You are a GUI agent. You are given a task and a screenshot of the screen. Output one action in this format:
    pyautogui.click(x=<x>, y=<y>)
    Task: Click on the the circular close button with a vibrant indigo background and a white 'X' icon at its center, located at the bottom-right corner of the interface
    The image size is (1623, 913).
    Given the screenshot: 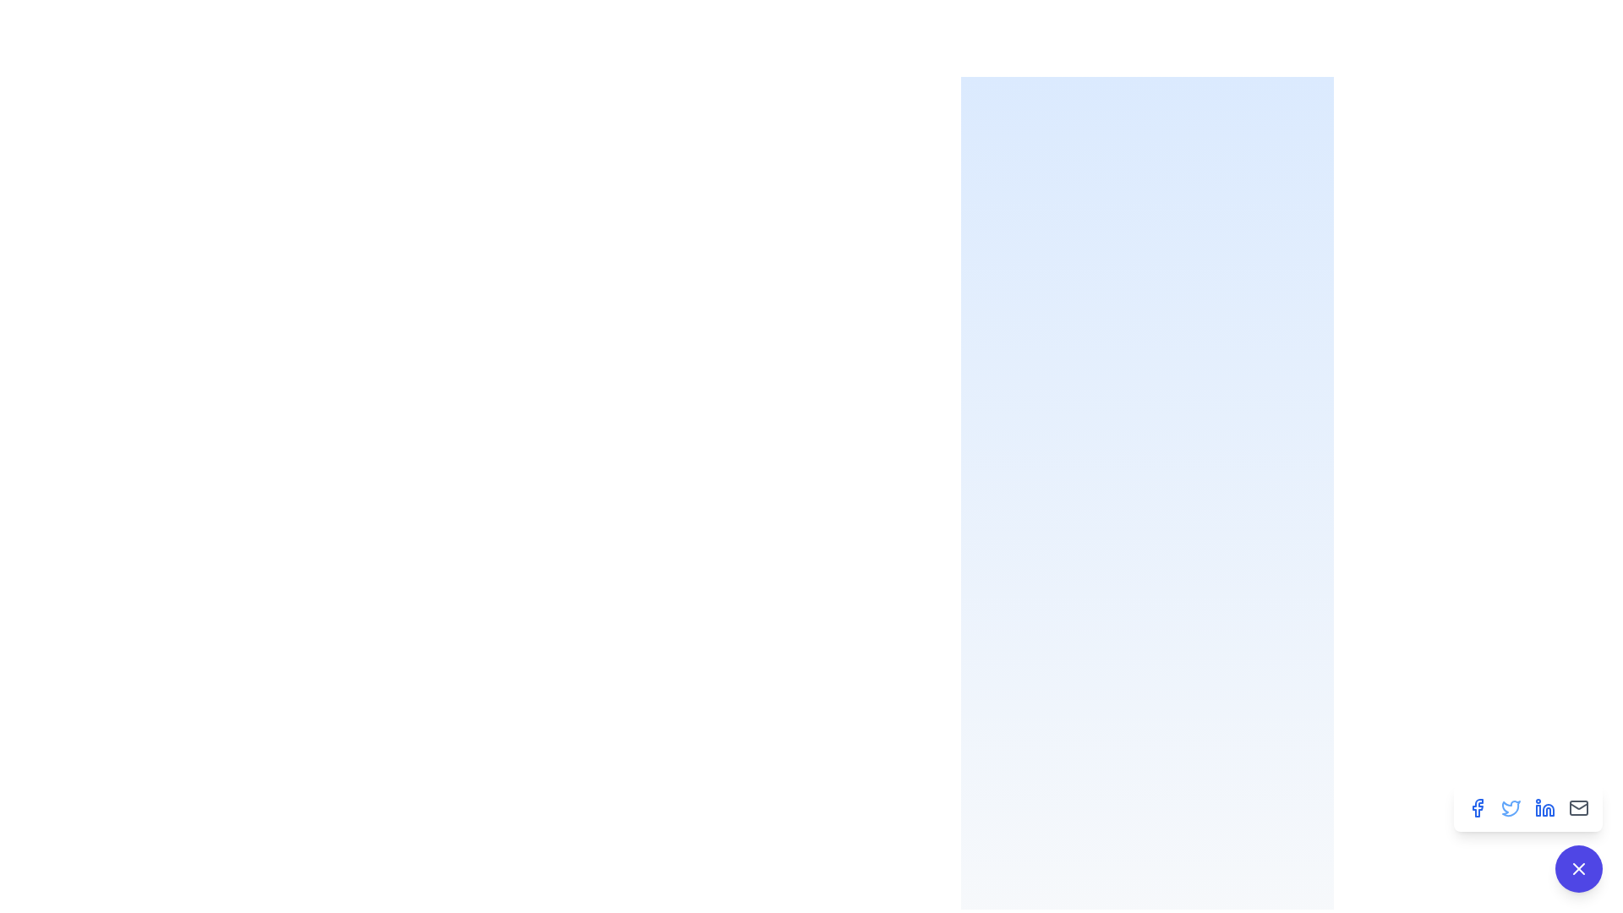 What is the action you would take?
    pyautogui.click(x=1577, y=869)
    